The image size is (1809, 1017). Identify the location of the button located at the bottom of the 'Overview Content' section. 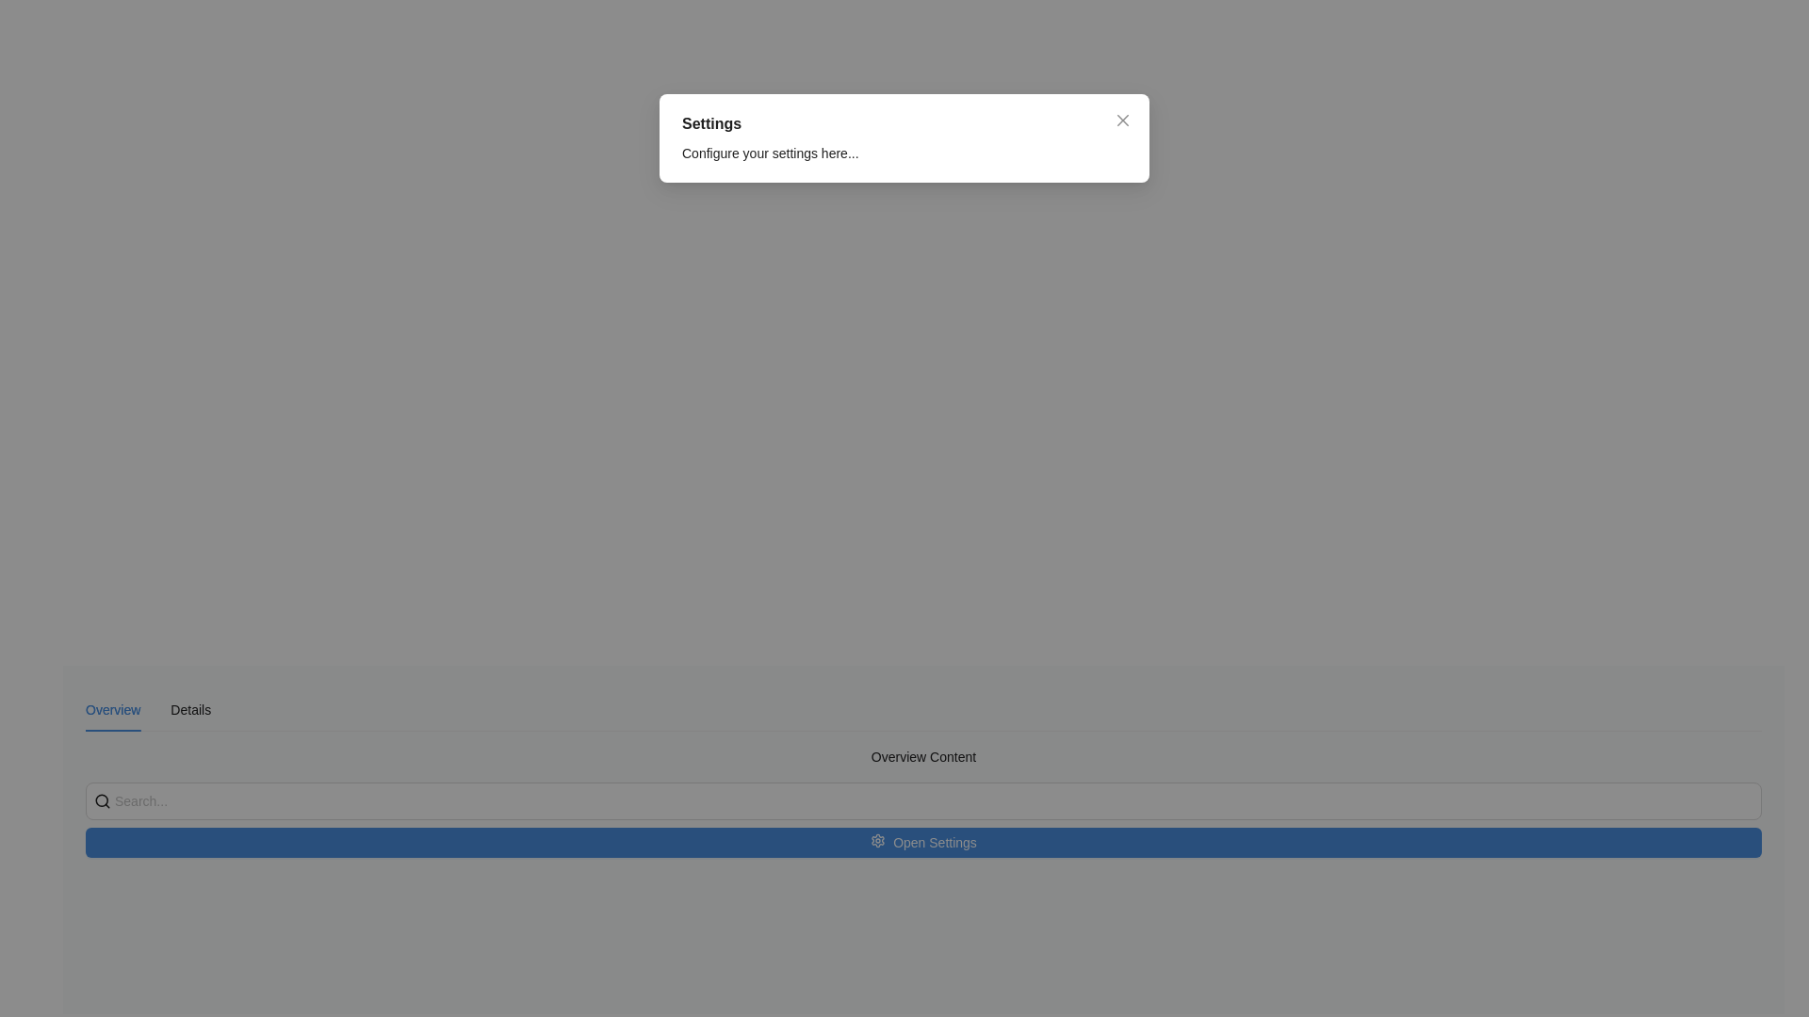
(923, 819).